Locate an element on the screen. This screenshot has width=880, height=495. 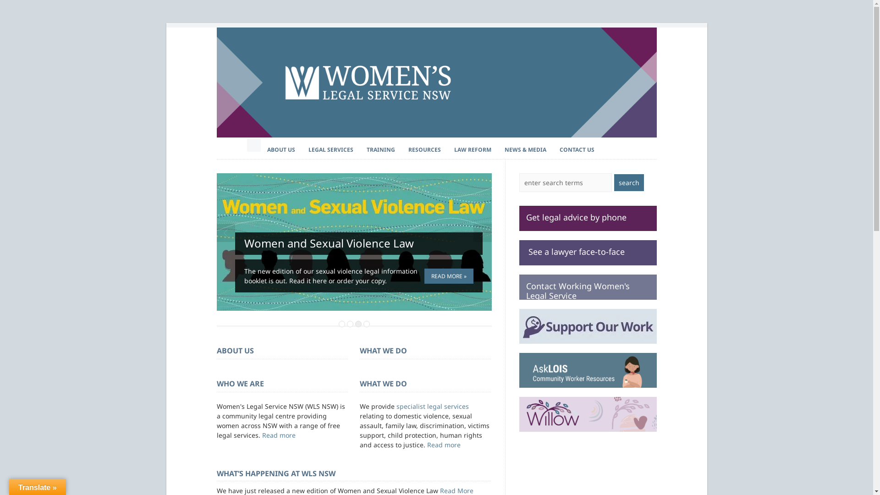
'Previous' is located at coordinates (225, 232).